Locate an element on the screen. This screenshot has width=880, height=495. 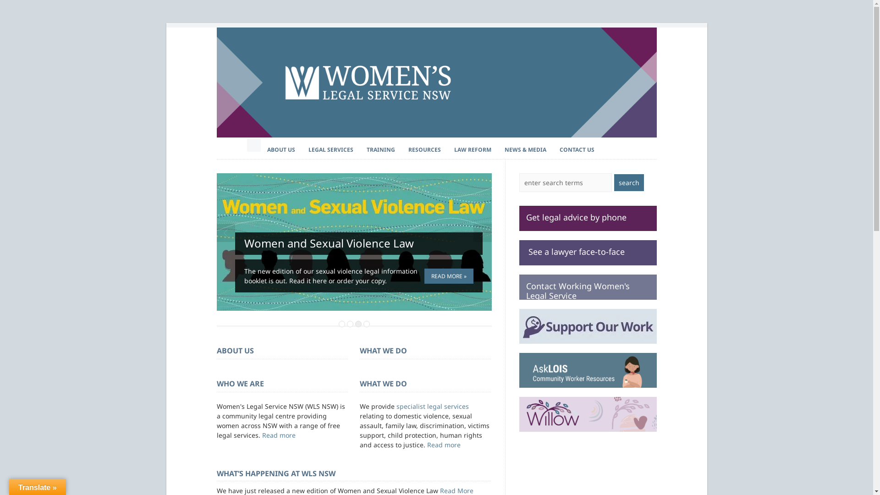
'Previous' is located at coordinates (225, 232).